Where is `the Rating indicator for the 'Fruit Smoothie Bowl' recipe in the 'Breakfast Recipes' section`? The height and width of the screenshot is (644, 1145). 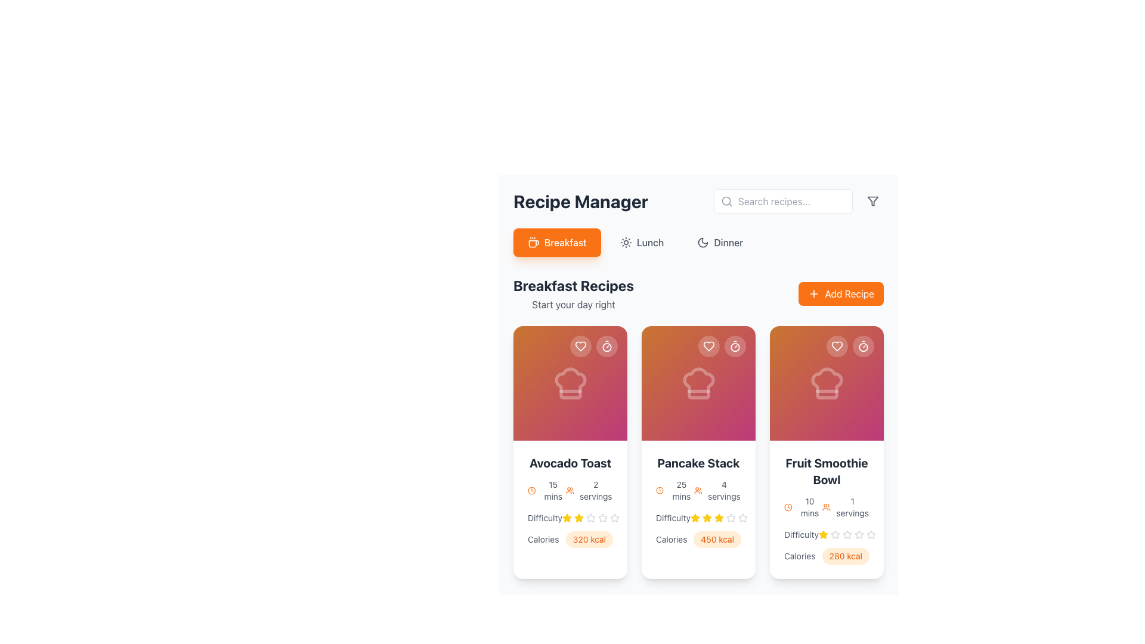 the Rating indicator for the 'Fruit Smoothie Bowl' recipe in the 'Breakfast Recipes' section is located at coordinates (826, 534).